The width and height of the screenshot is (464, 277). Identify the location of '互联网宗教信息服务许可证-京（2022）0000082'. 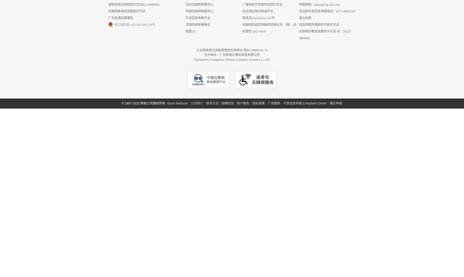
(320, 209).